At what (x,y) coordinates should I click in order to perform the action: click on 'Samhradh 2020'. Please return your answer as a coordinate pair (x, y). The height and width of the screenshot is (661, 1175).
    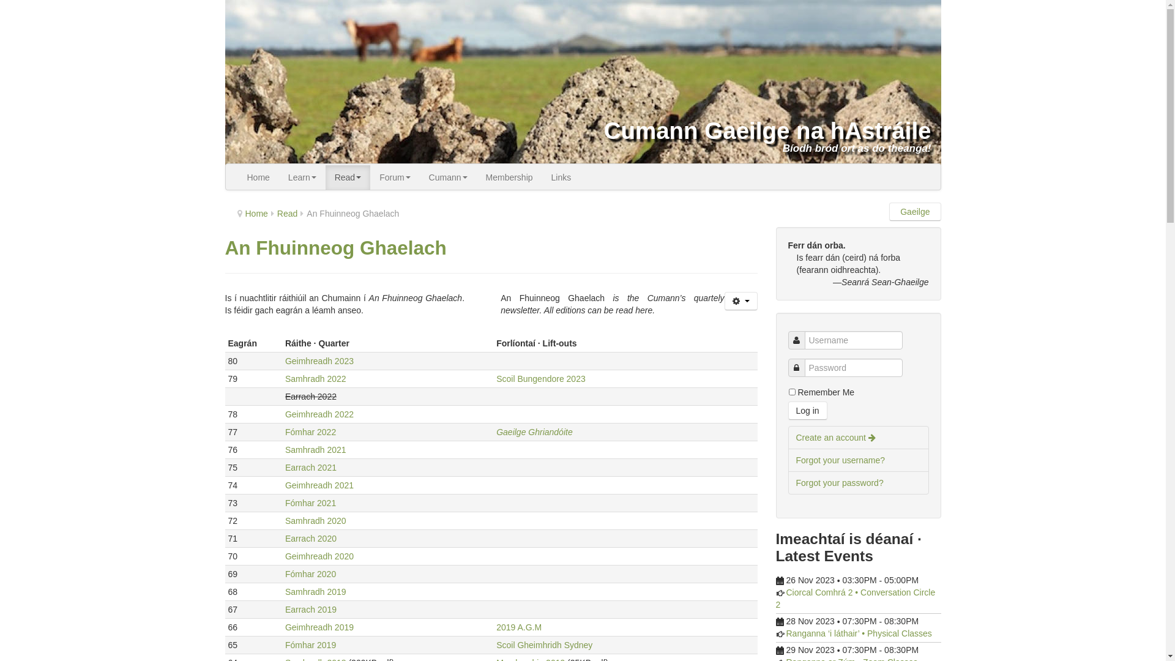
    Looking at the image, I should click on (315, 521).